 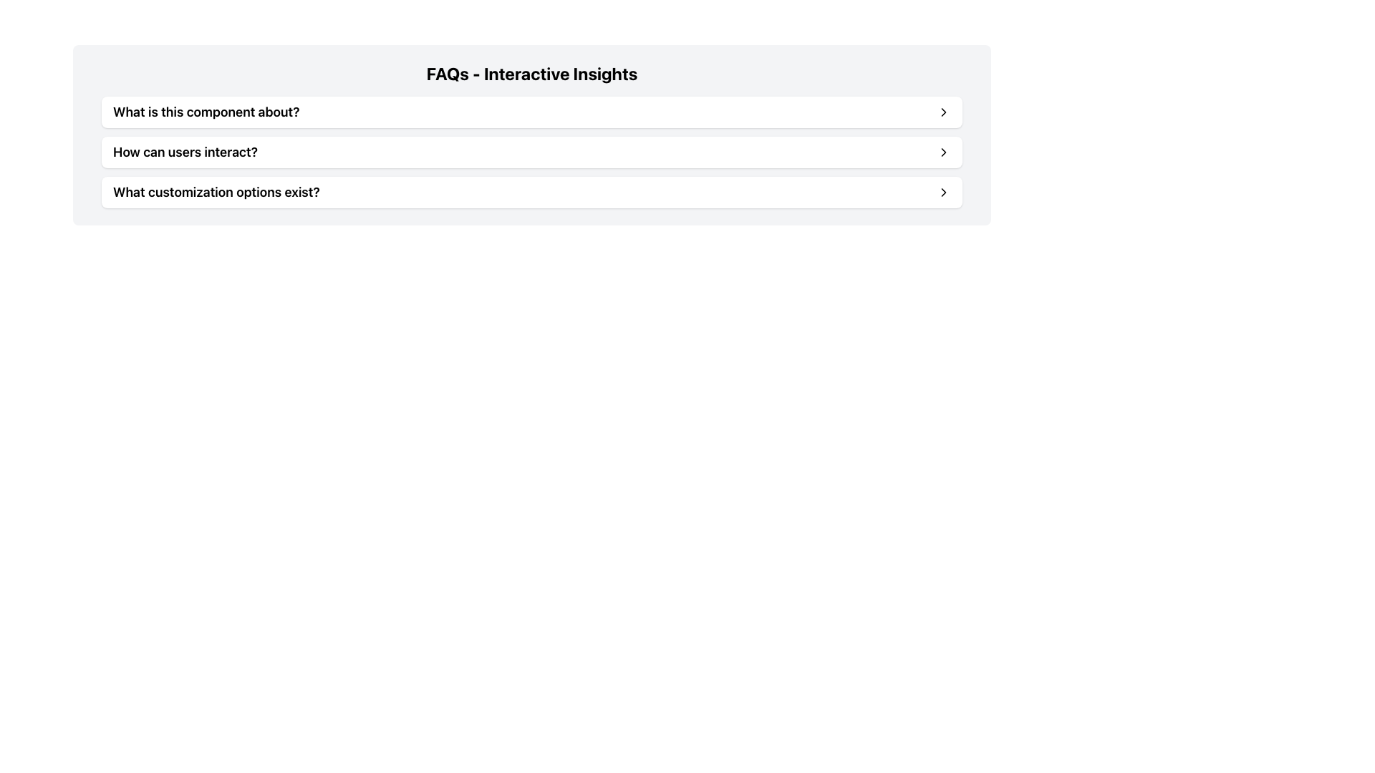 I want to click on the first interactive list item in the FAQs section, so click(x=531, y=112).